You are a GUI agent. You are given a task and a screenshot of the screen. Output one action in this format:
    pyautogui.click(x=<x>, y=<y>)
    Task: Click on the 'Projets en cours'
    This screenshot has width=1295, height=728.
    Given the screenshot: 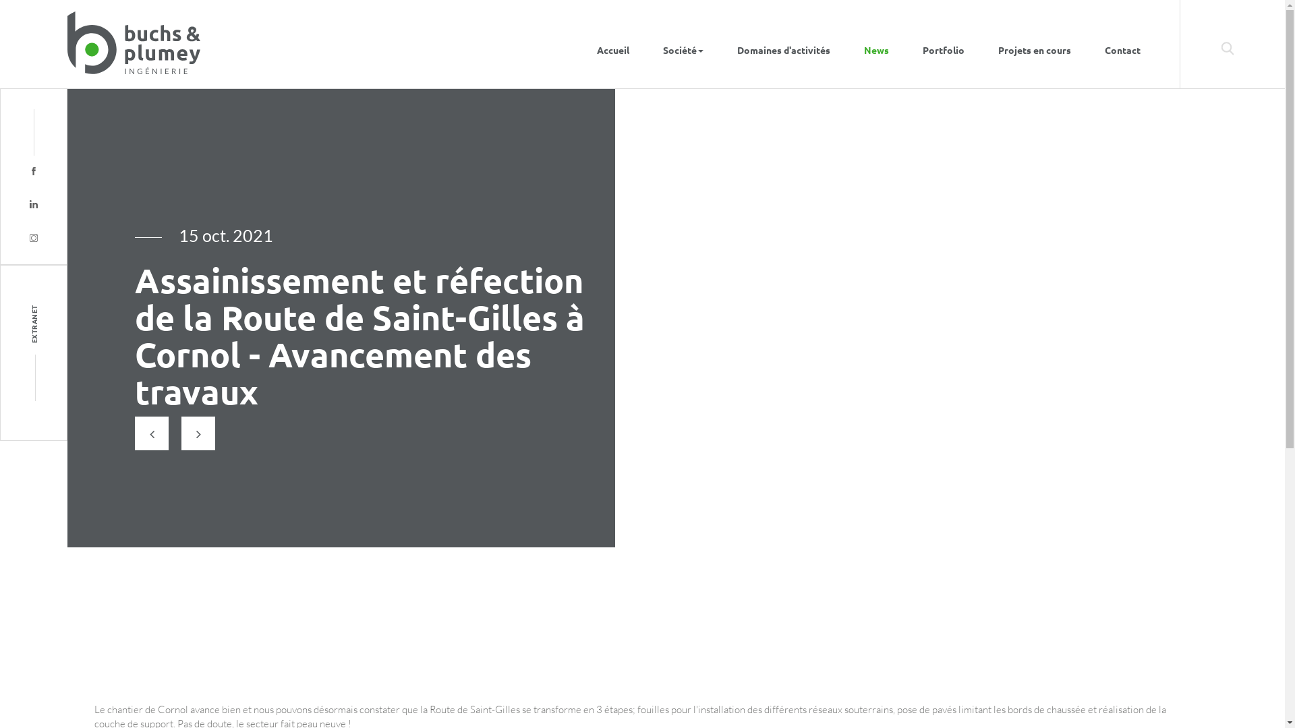 What is the action you would take?
    pyautogui.click(x=1034, y=43)
    